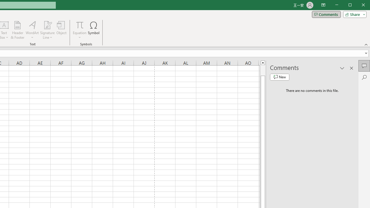 This screenshot has height=208, width=370. Describe the element at coordinates (353, 14) in the screenshot. I see `'Share'` at that location.